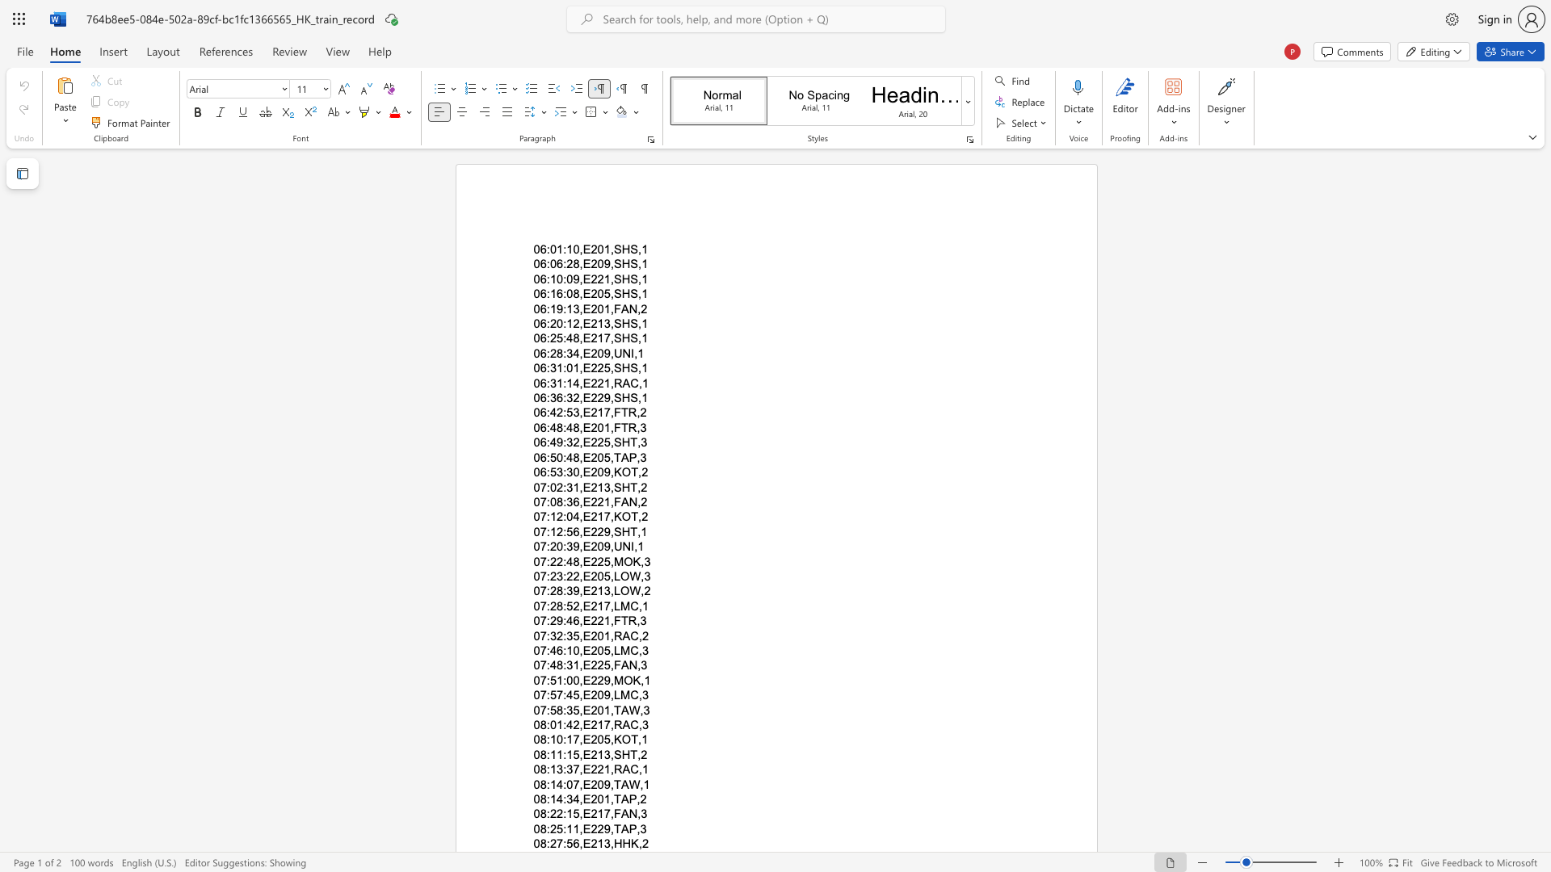 Image resolution: width=1551 pixels, height=872 pixels. What do you see at coordinates (546, 635) in the screenshot?
I see `the subset text ":32:35,E201,RAC" within the text "07:32:35,E201,RAC,2"` at bounding box center [546, 635].